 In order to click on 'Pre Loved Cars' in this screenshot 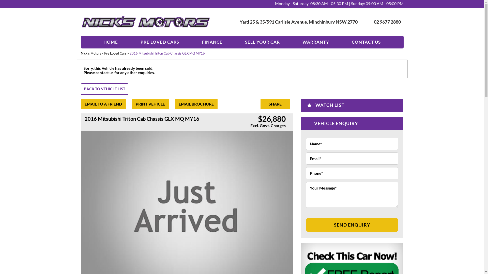, I will do `click(115, 53)`.